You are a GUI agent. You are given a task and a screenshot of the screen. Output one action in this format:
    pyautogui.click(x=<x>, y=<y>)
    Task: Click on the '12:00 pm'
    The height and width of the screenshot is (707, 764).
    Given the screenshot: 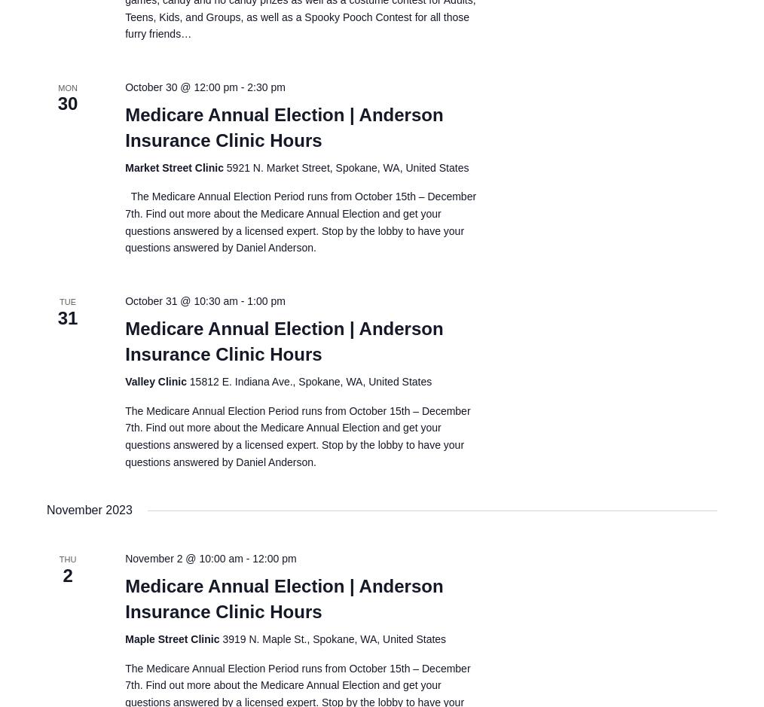 What is the action you would take?
    pyautogui.click(x=274, y=558)
    